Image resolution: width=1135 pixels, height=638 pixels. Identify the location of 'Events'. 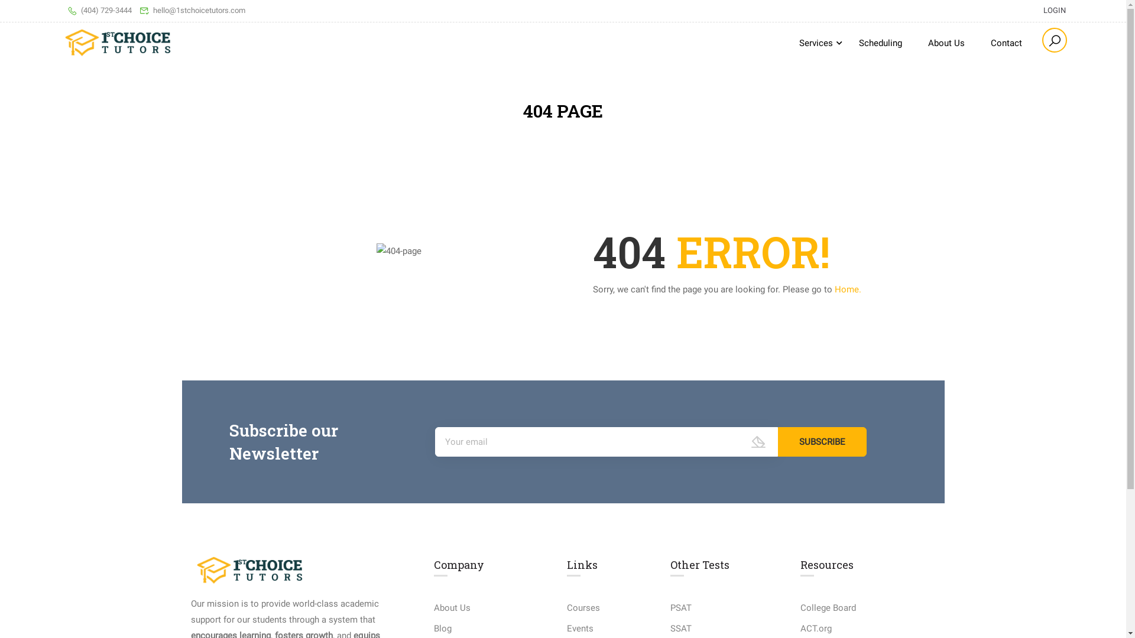
(580, 628).